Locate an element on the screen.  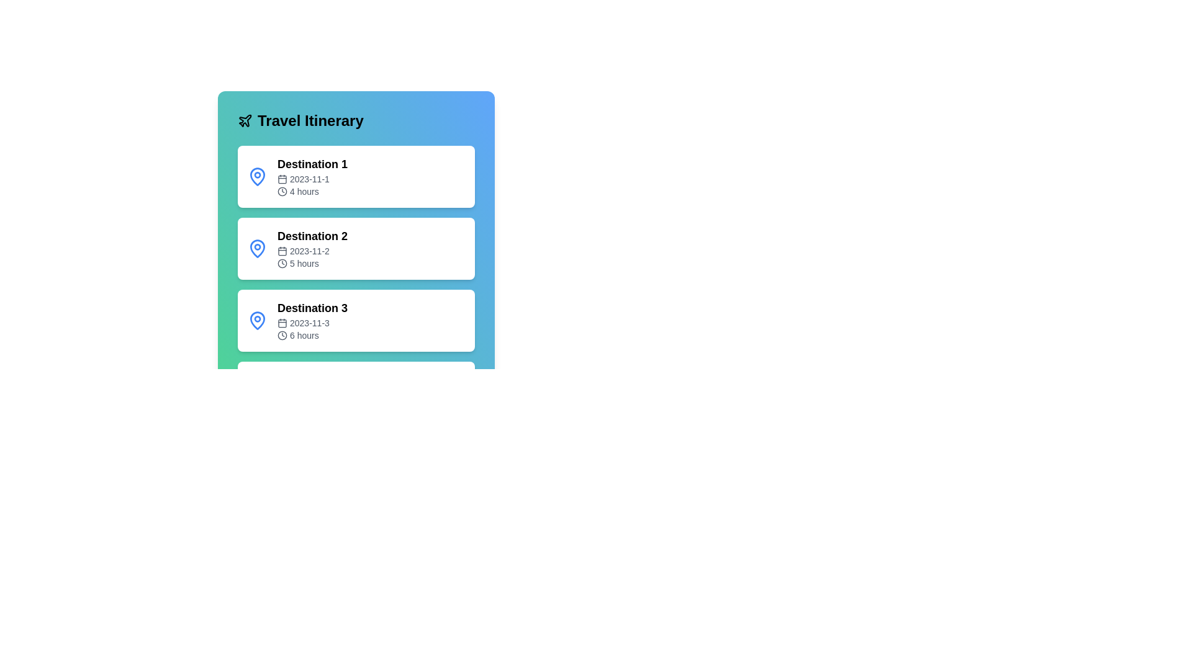
the location pin icon representing 'Destination 1' in the travel itinerary list, which is the topmost list item adjacent to the text 'Destination 1' is located at coordinates (256, 176).